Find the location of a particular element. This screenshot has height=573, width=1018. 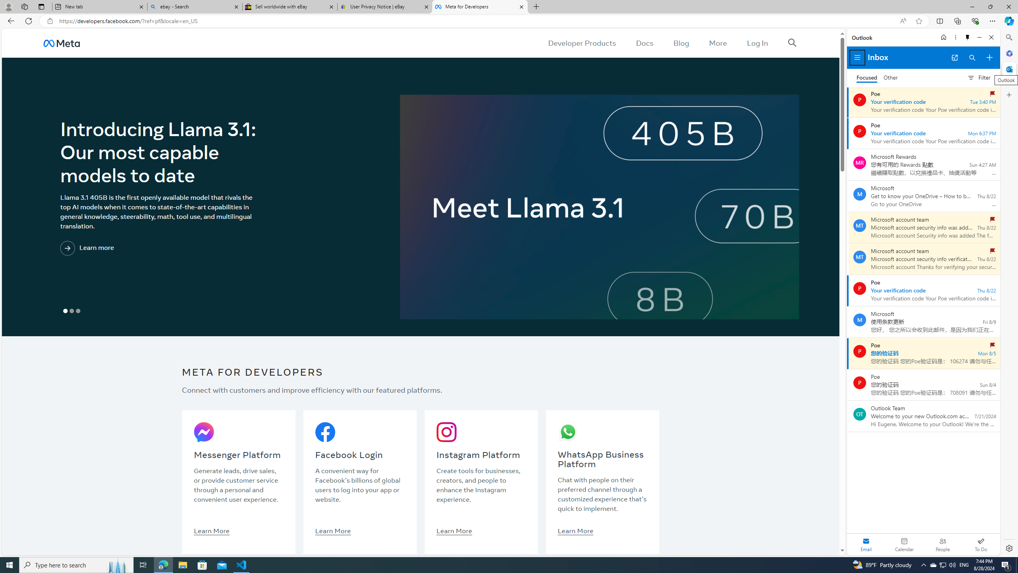

'Selected mail module' is located at coordinates (866, 544).